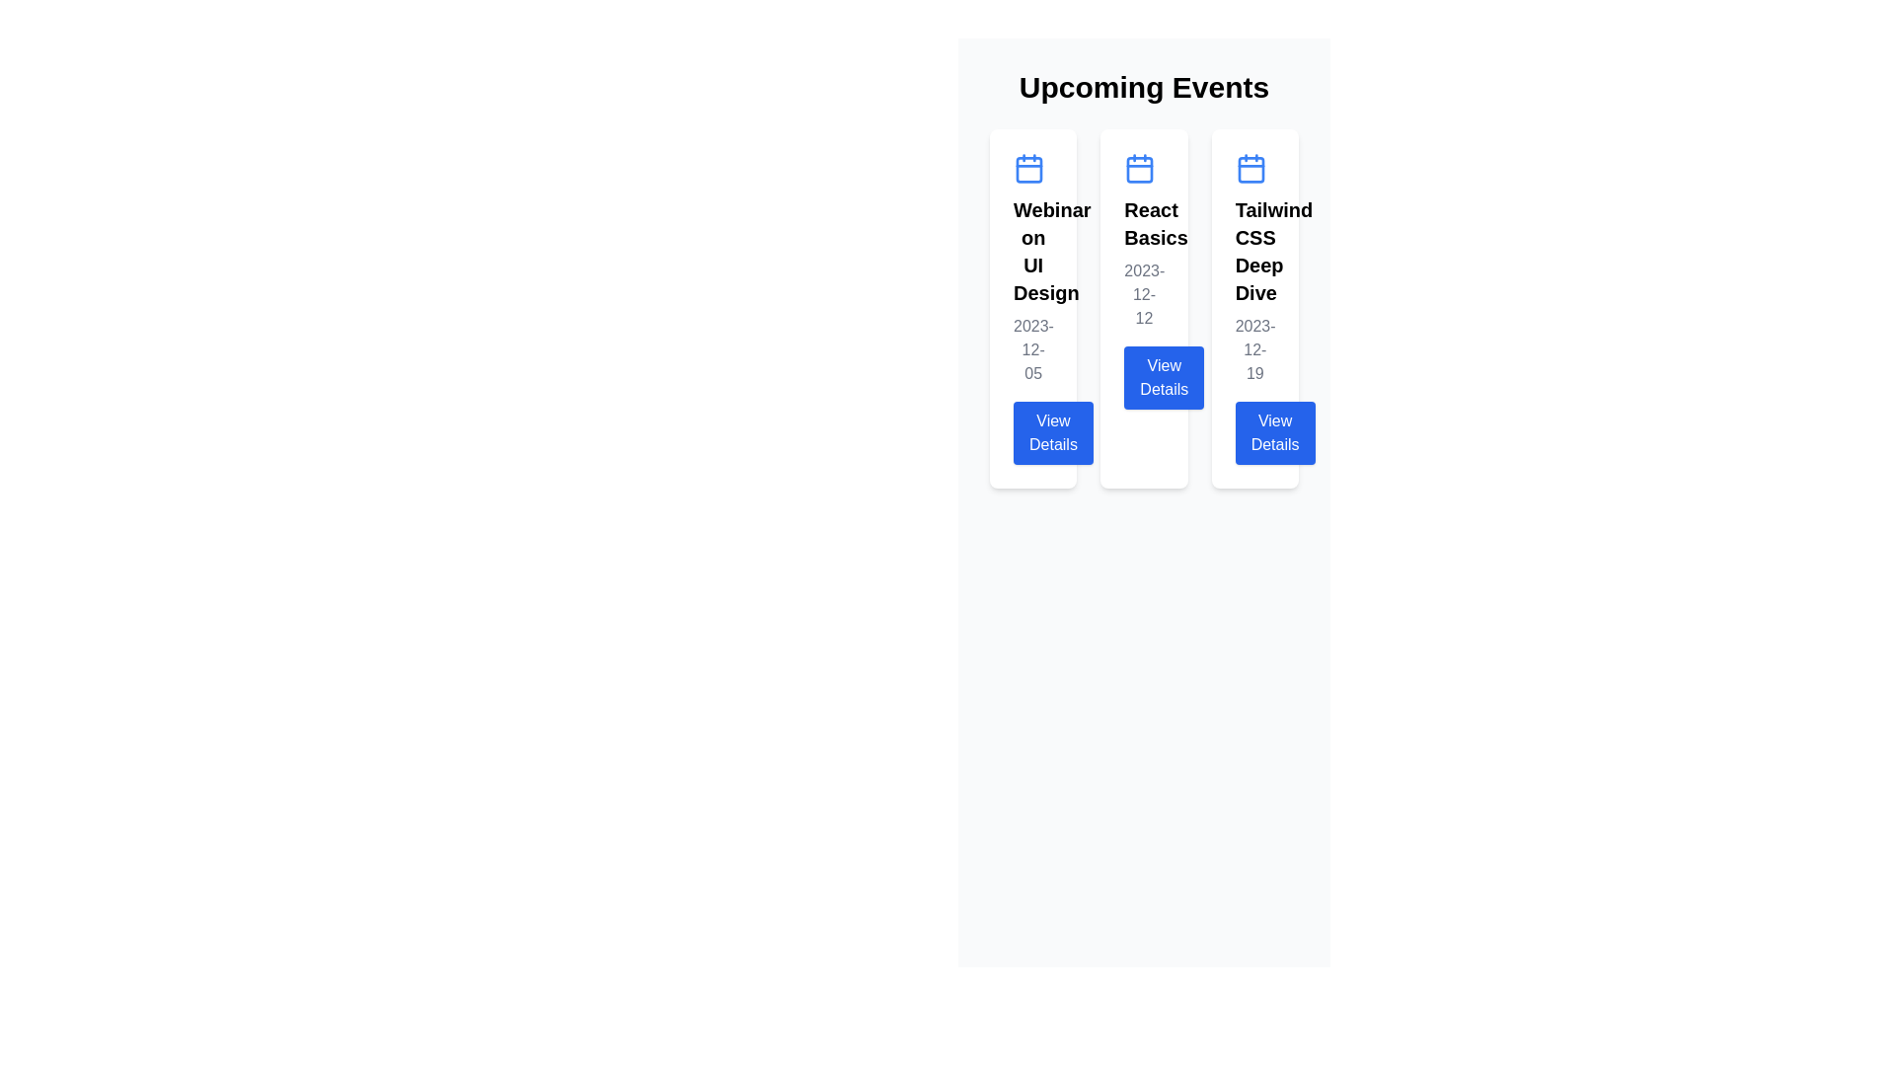  I want to click on the 'View Details' button, which is a rectangular button with rounded corners, a blue background, and white text located in the middle of the 'React Basics' card under the 'Upcoming Events' section, so click(1164, 377).